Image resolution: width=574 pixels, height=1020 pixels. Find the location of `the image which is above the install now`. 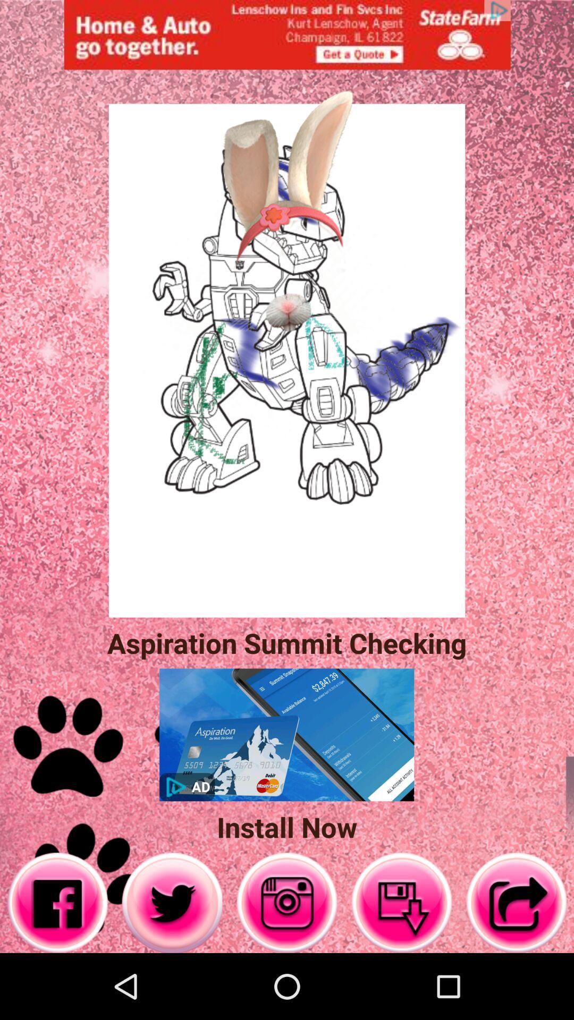

the image which is above the install now is located at coordinates (286, 734).